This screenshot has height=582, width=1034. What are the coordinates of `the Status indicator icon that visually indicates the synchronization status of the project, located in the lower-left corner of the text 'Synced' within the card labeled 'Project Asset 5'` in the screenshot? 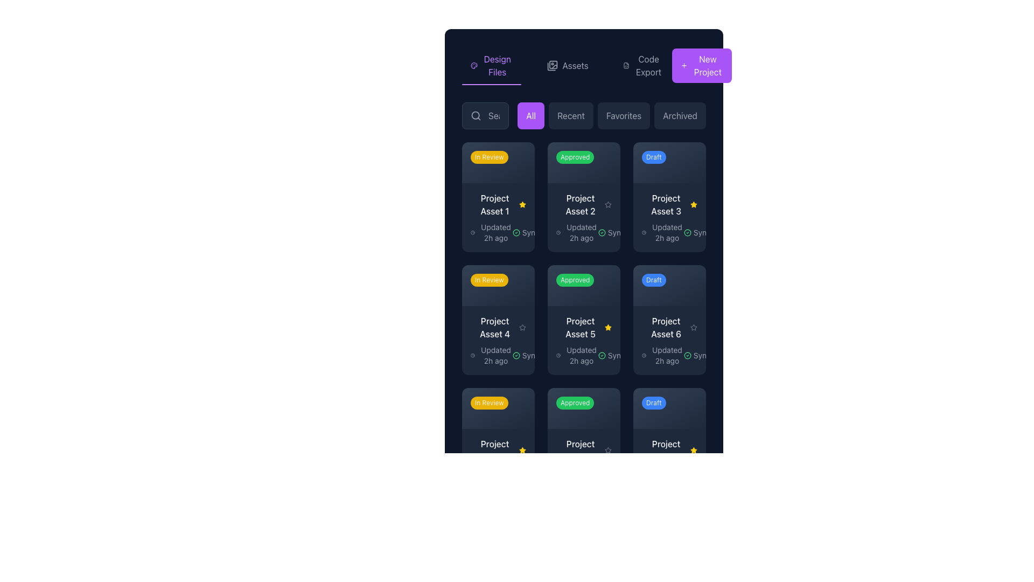 It's located at (601, 355).